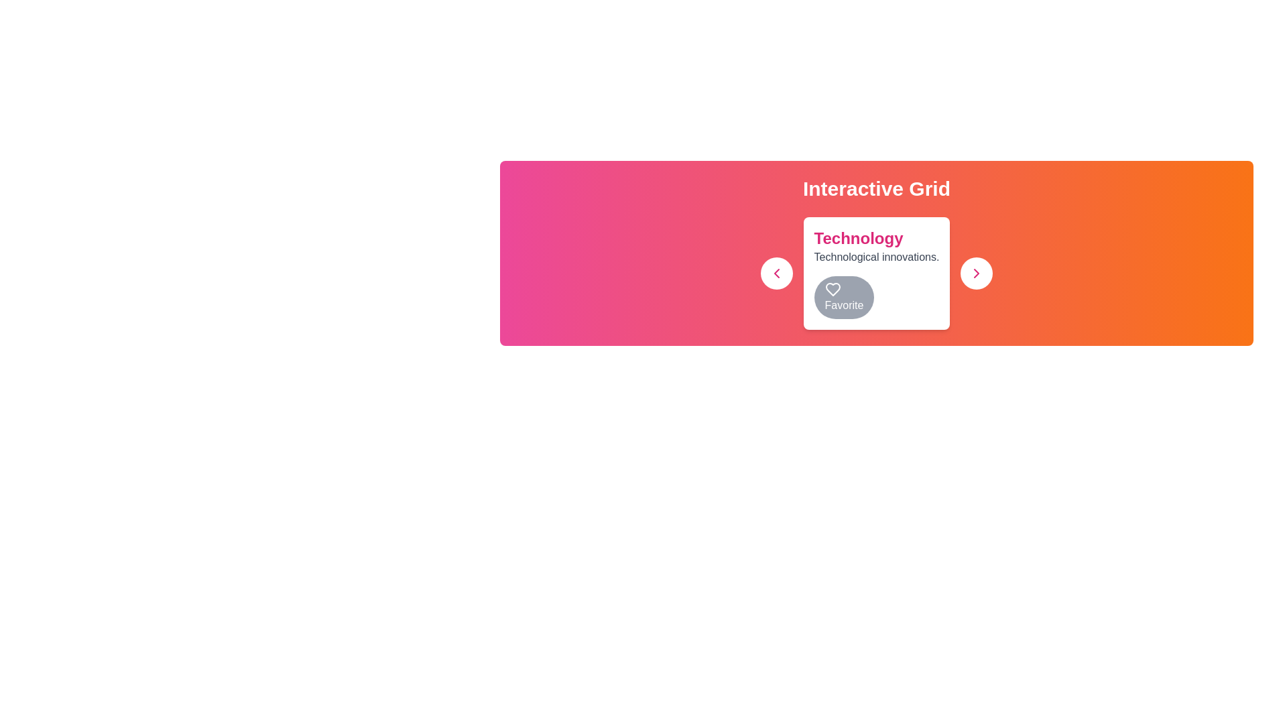  I want to click on the descriptive text element that emphasizes technological advancements, located centrally within the card widget, below the 'Technology' text and above the 'Favorite' button, so click(876, 257).